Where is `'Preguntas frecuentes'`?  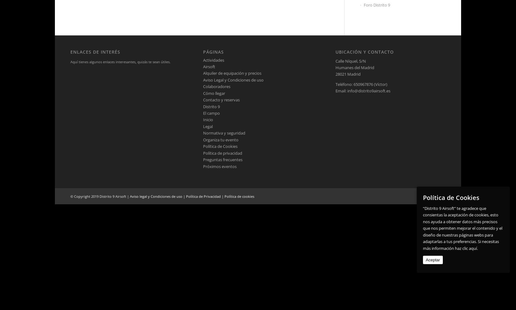 'Preguntas frecuentes' is located at coordinates (222, 160).